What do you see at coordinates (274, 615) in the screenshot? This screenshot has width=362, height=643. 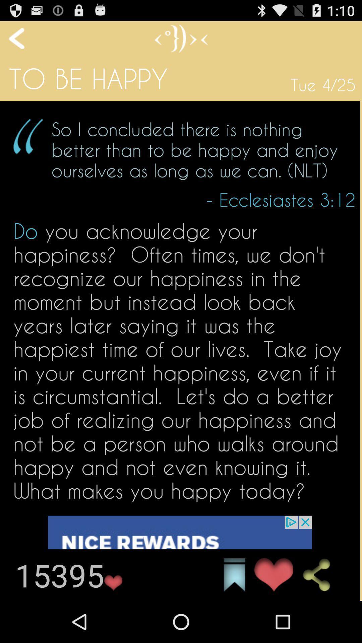 I see `the favorite icon` at bounding box center [274, 615].